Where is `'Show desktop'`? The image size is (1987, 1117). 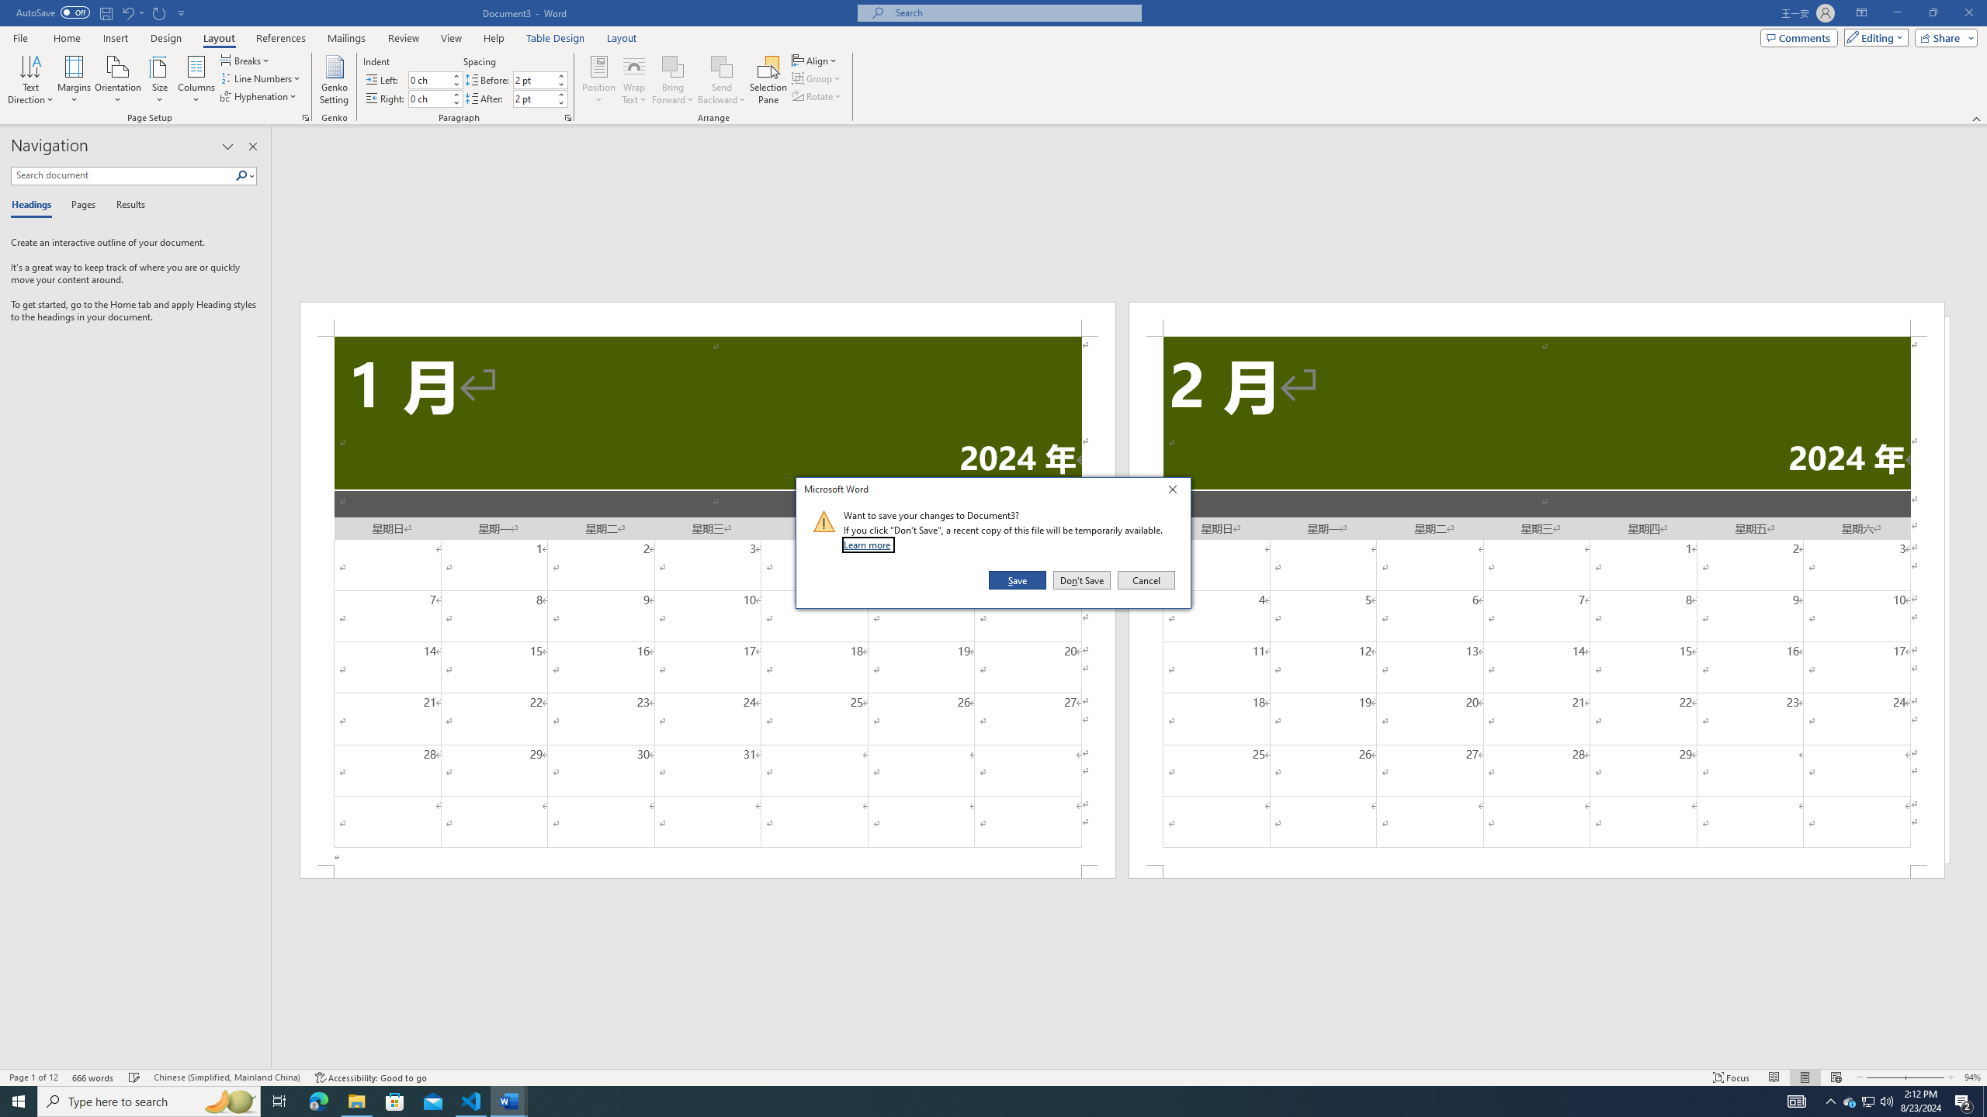 'Show desktop' is located at coordinates (1984, 1100).